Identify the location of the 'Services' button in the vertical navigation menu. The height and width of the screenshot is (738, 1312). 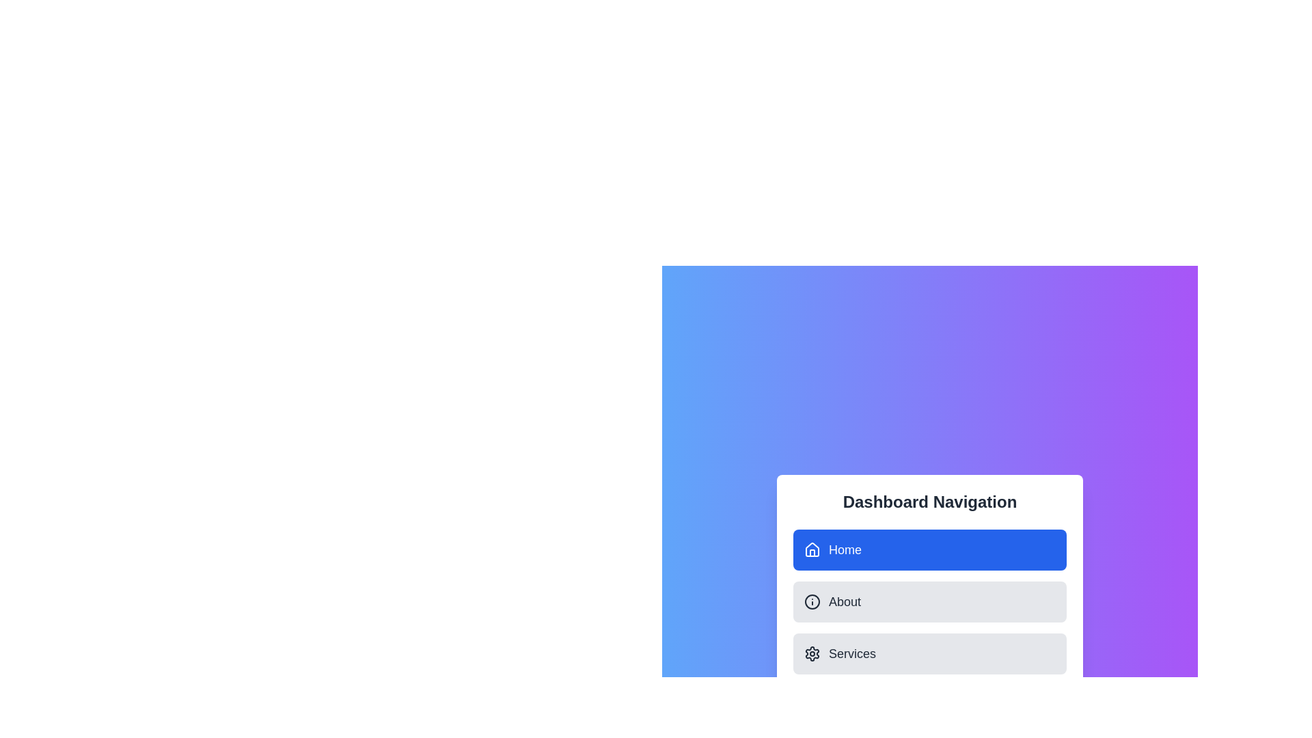
(929, 653).